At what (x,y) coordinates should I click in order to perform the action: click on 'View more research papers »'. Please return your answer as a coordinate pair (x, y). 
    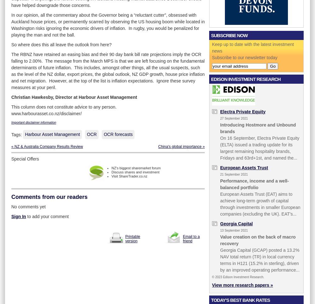
    Looking at the image, I should click on (242, 284).